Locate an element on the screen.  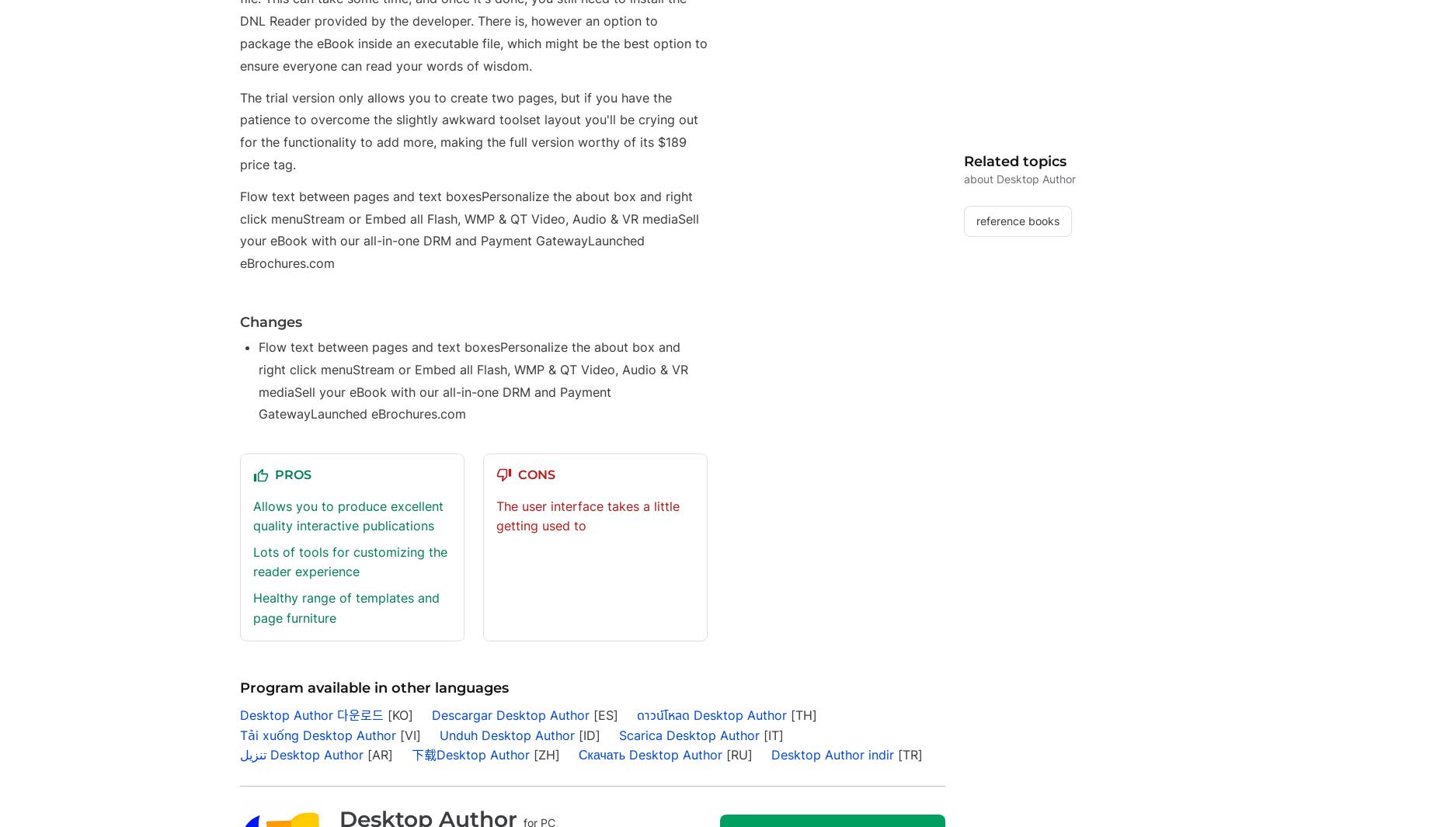
'Nederlands' is located at coordinates (761, 121).